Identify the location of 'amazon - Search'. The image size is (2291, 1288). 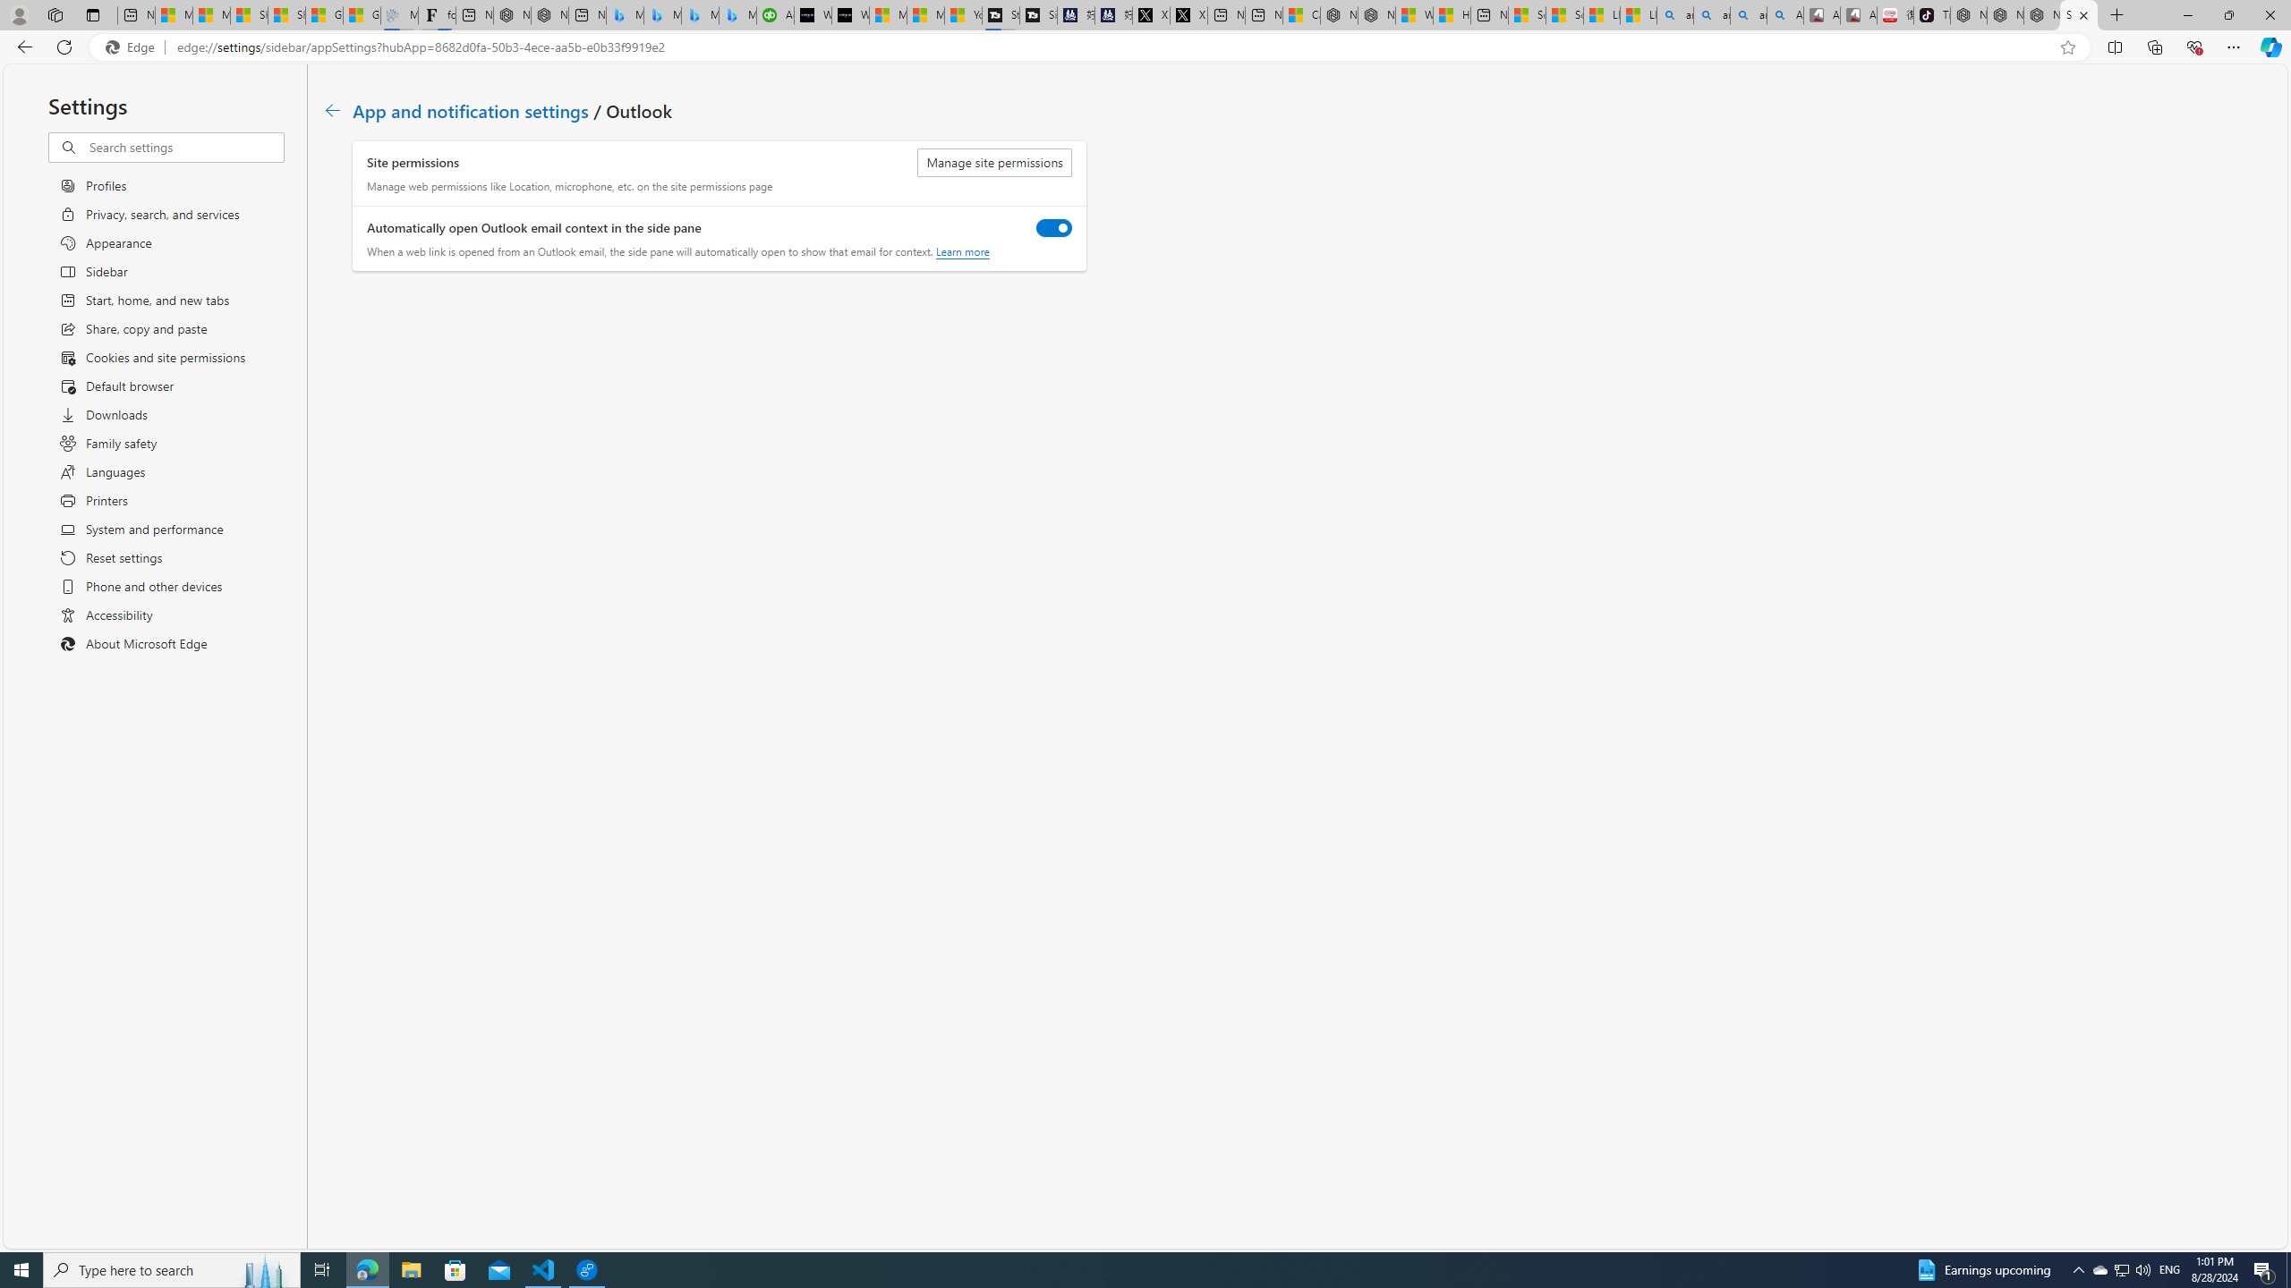
(1711, 14).